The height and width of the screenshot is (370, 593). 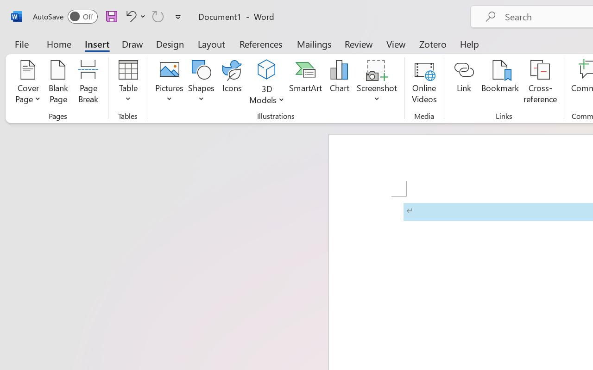 I want to click on 'Can', so click(x=158, y=16).